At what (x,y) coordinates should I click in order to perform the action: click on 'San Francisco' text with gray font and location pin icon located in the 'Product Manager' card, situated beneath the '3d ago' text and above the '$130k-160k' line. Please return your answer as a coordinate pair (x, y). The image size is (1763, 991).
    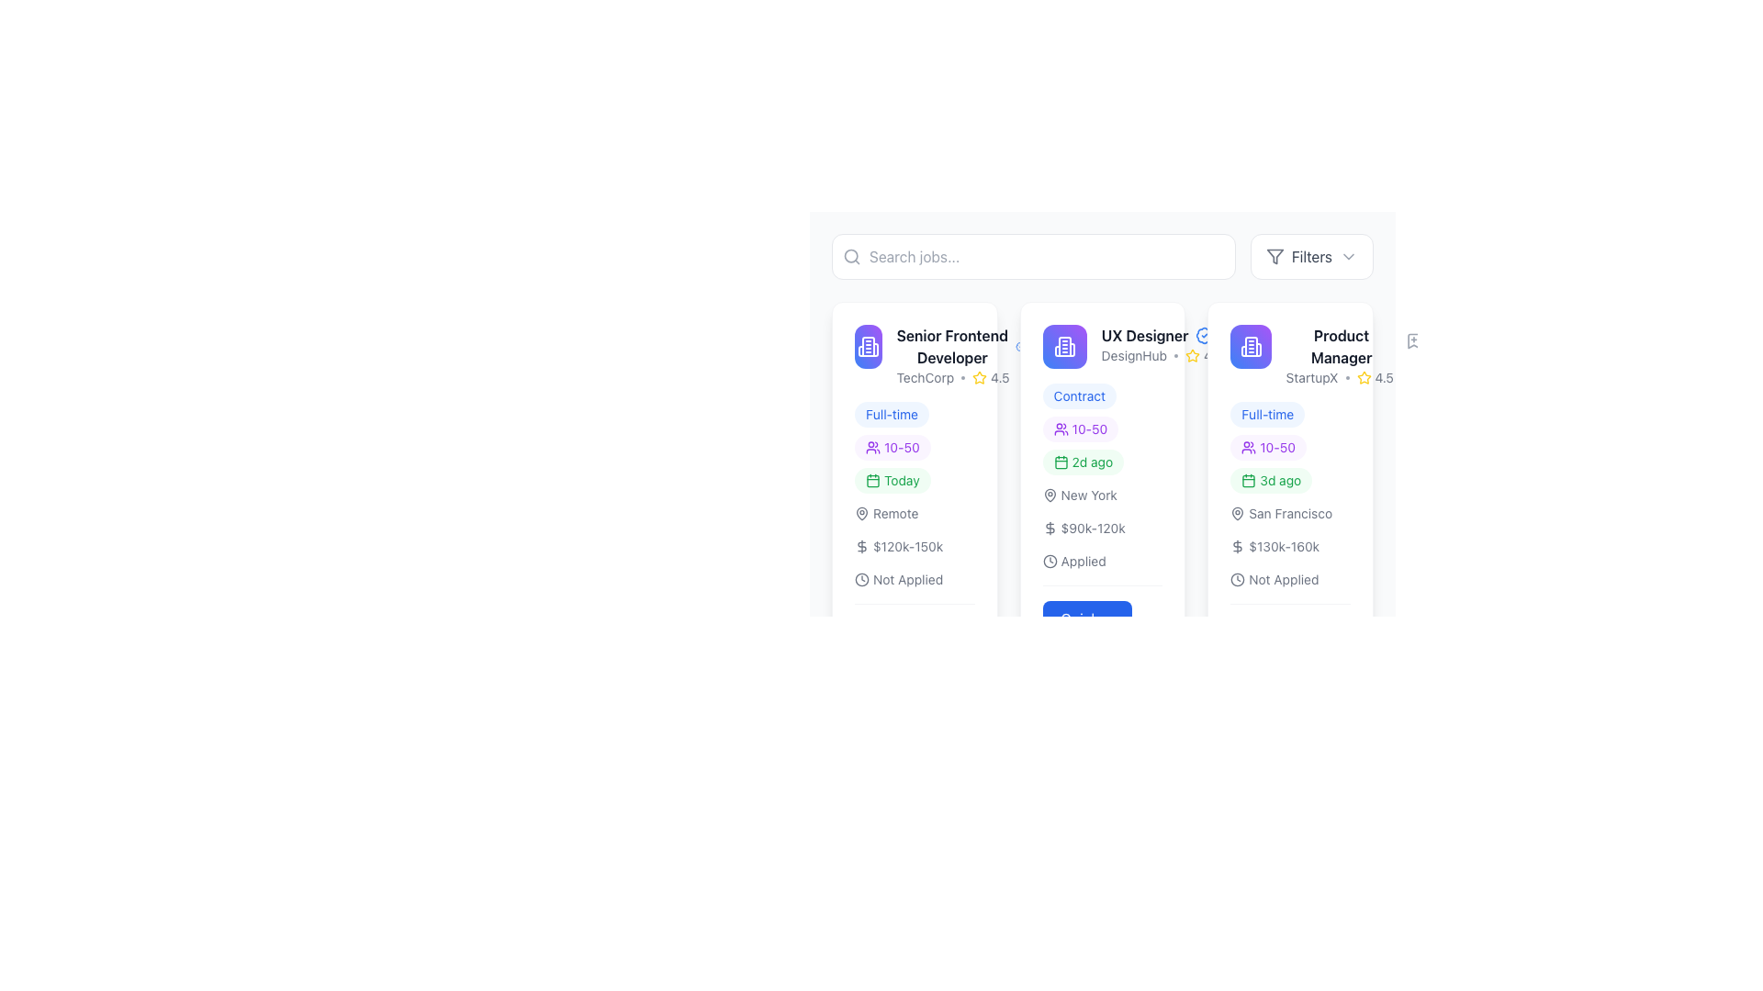
    Looking at the image, I should click on (1280, 513).